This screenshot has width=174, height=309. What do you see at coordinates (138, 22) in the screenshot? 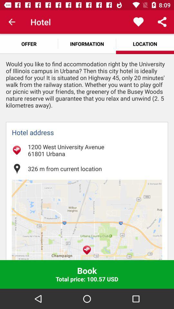
I see `the app above location app` at bounding box center [138, 22].